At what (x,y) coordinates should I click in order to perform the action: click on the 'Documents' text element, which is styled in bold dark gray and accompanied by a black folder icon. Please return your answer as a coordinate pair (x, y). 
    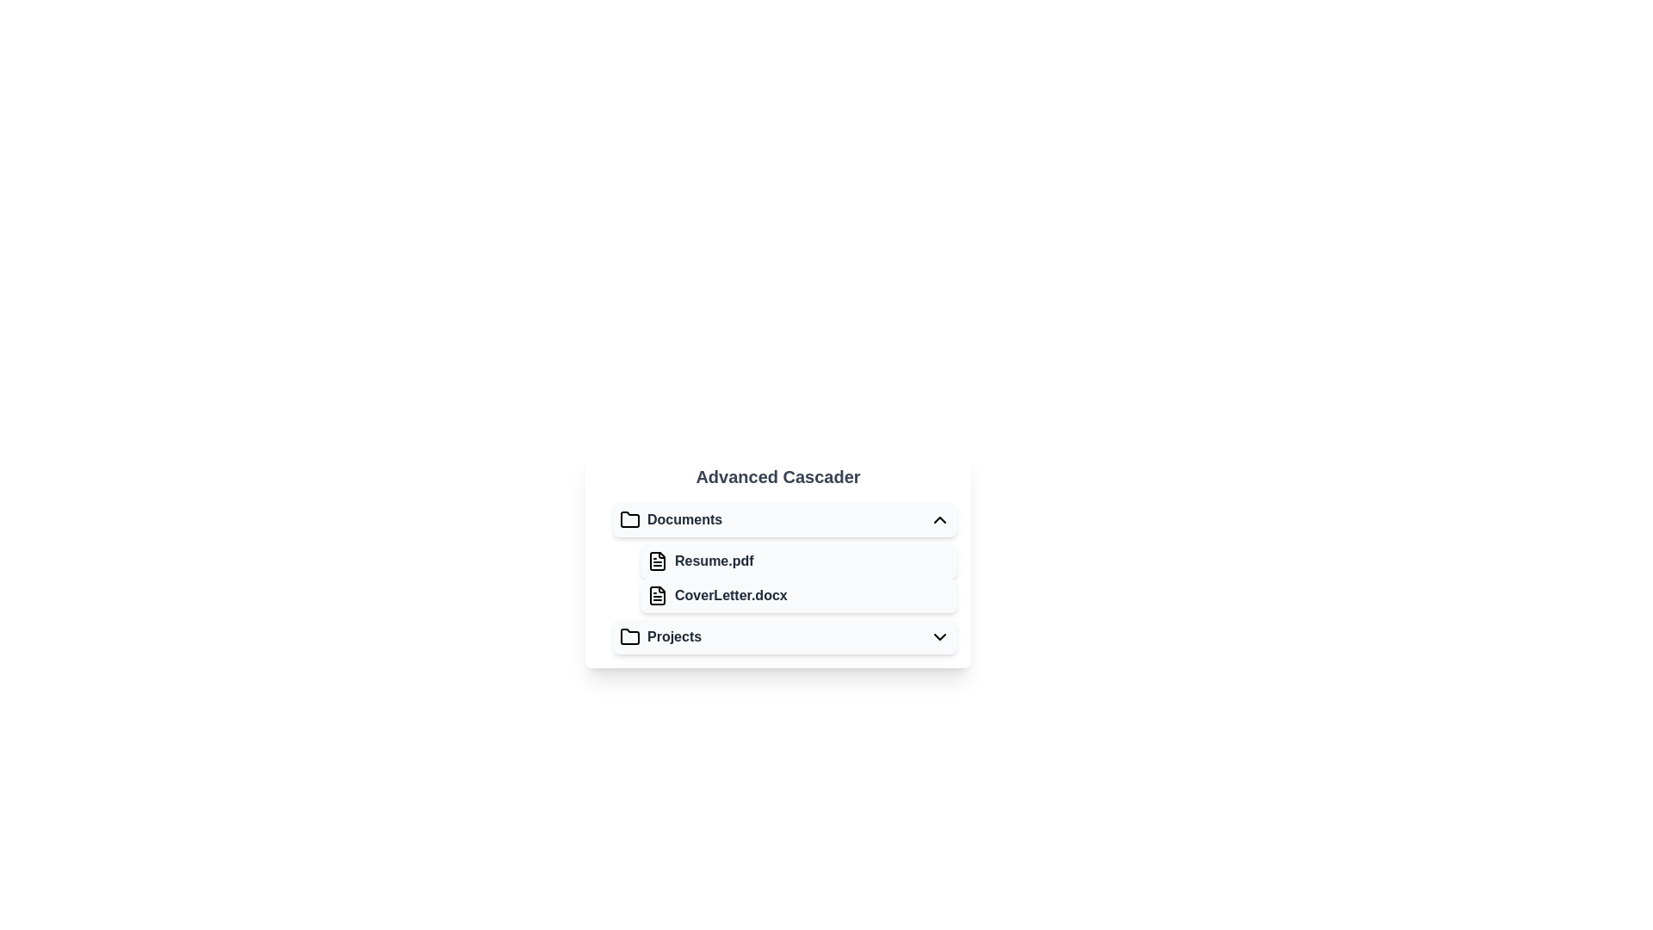
    Looking at the image, I should click on (670, 519).